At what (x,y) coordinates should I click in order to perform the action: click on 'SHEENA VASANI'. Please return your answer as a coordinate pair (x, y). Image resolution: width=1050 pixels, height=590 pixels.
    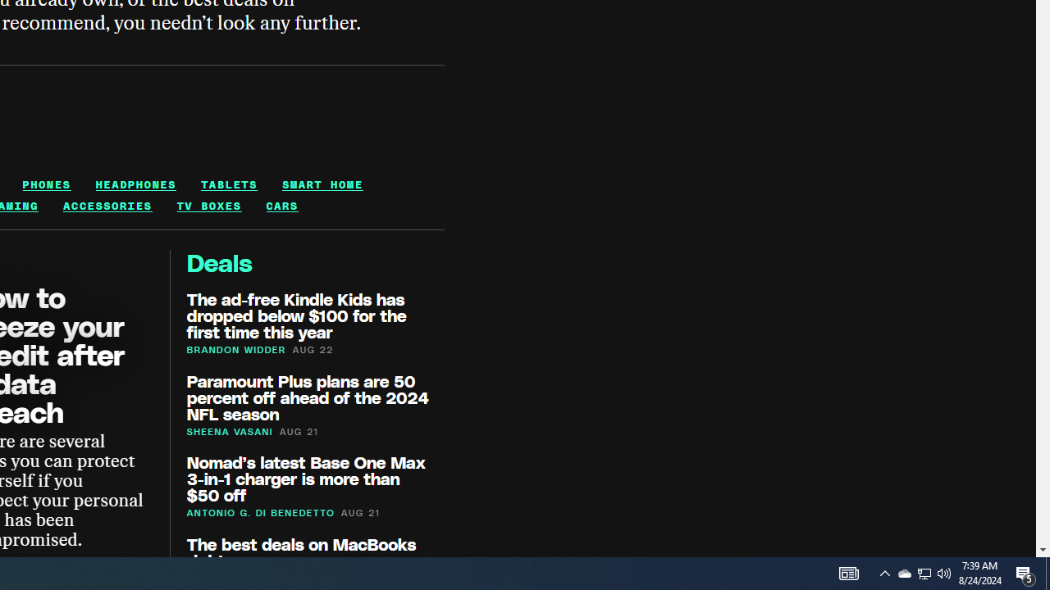
    Looking at the image, I should click on (229, 429).